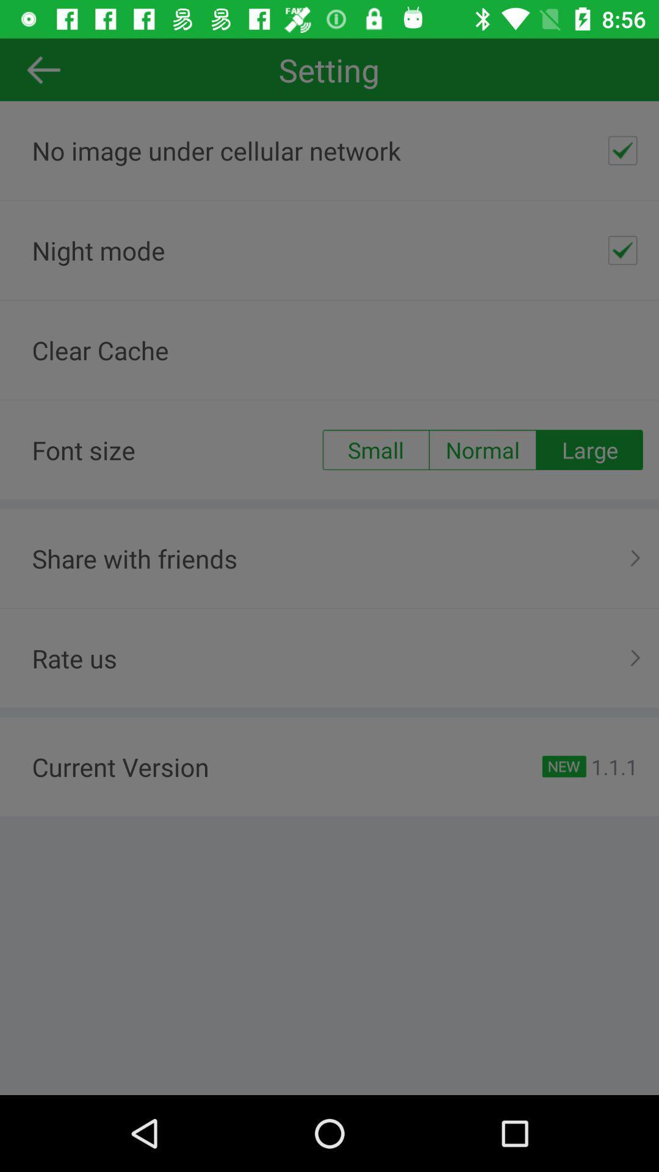  Describe the element at coordinates (622, 250) in the screenshot. I see `the icon to the right of night mode` at that location.